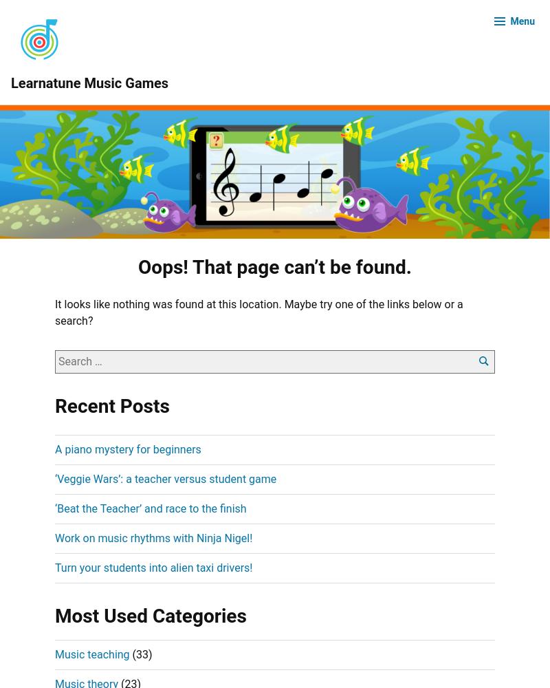  I want to click on 'Learnatune Music Games', so click(89, 83).